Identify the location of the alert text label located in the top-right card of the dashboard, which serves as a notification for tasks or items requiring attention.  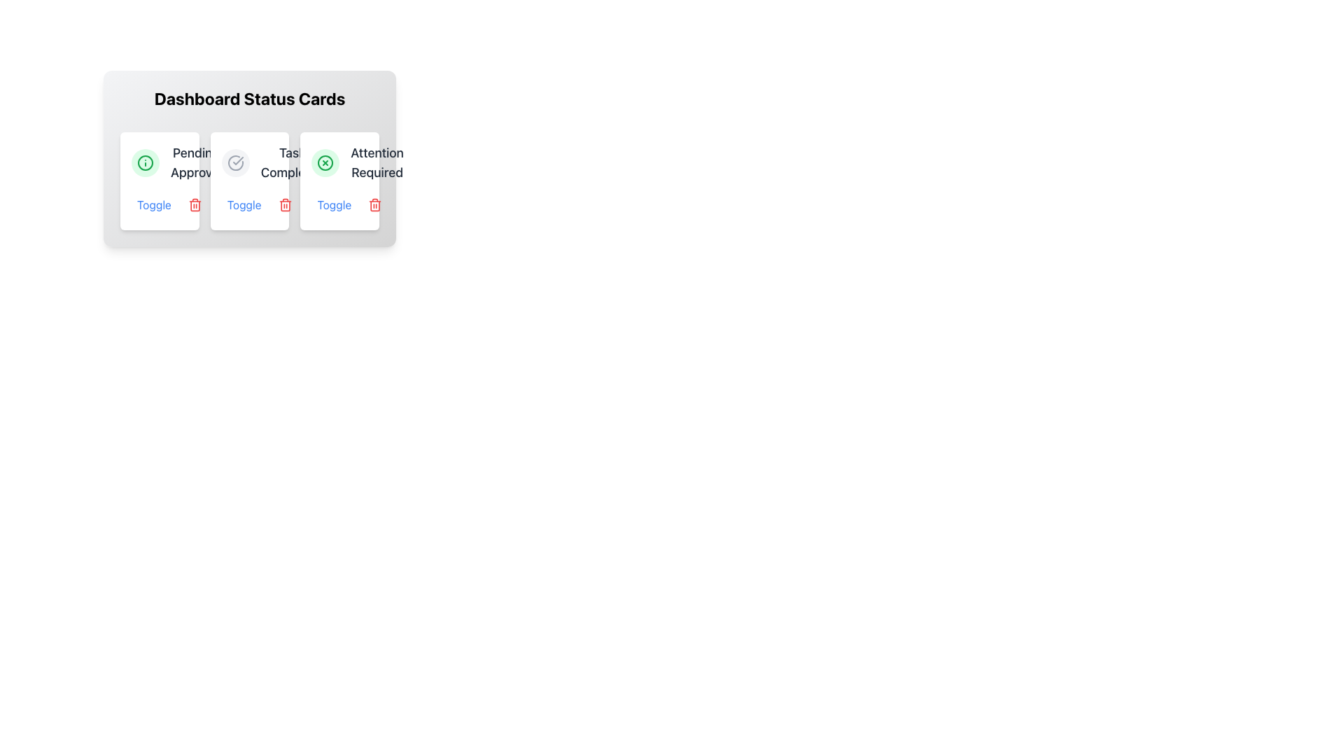
(339, 162).